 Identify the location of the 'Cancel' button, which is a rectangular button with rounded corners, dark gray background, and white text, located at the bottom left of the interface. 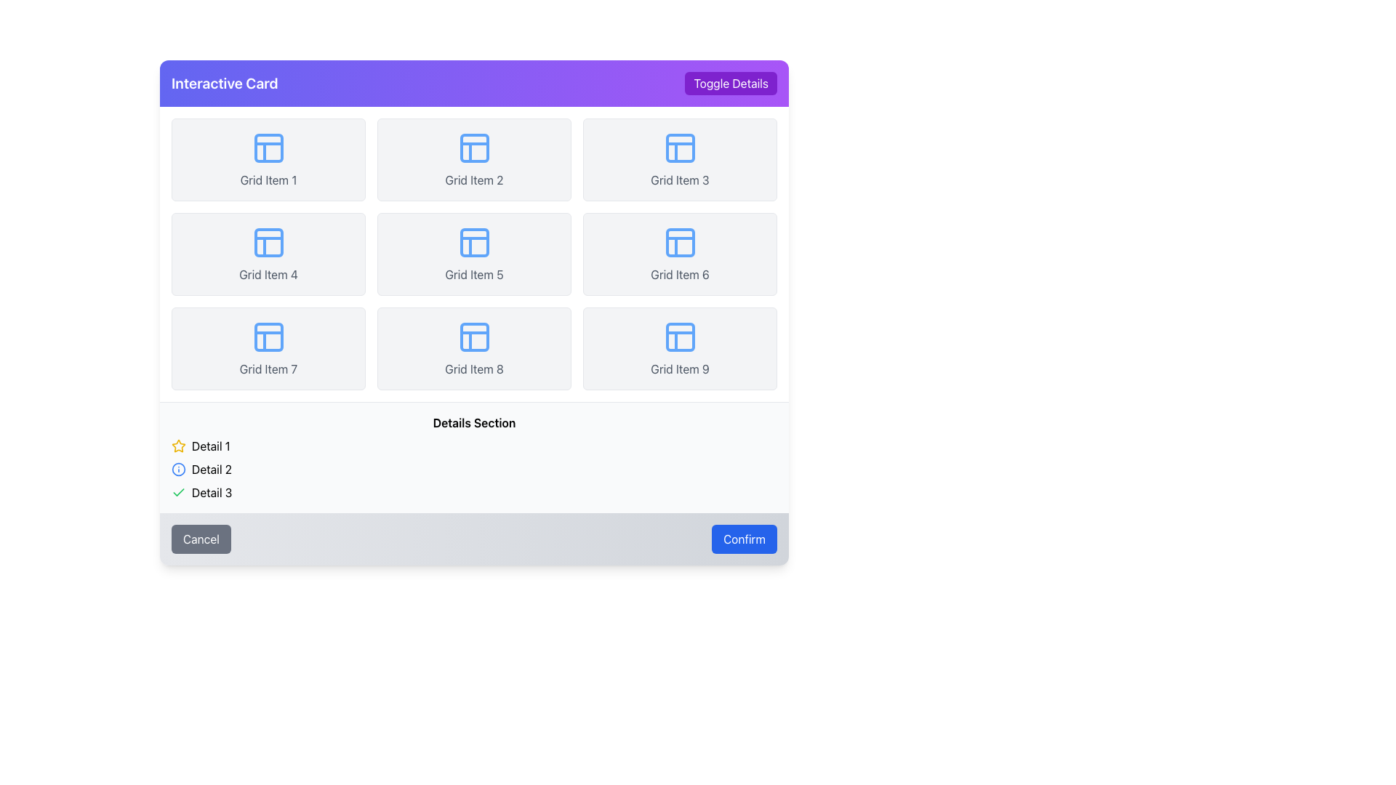
(200, 539).